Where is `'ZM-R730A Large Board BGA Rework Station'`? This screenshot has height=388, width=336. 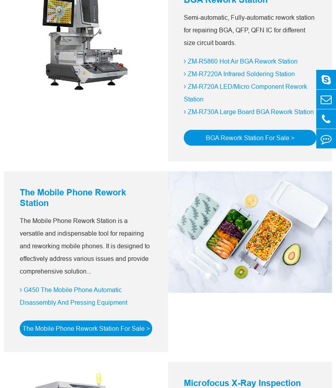 'ZM-R730A Large Board BGA Rework Station' is located at coordinates (249, 112).